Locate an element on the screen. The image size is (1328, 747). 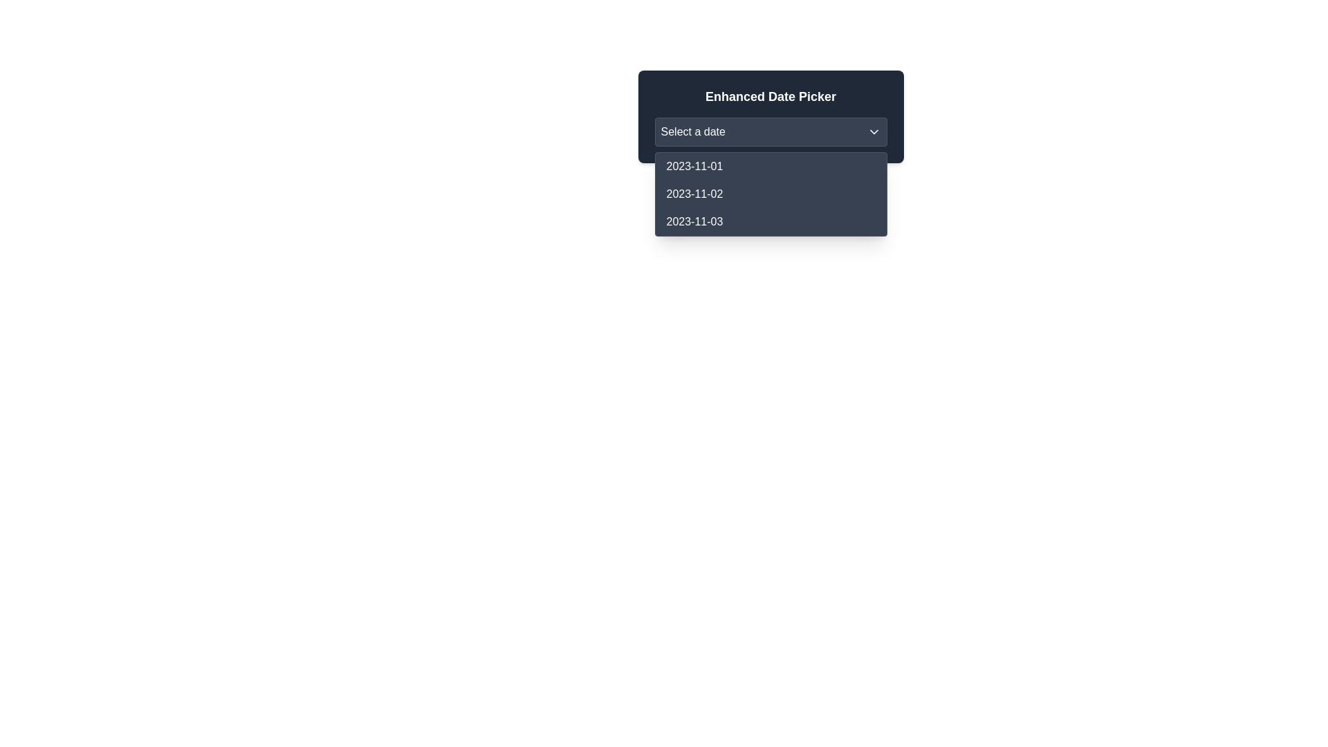
the first item in the dropdown menu is located at coordinates (770, 165).